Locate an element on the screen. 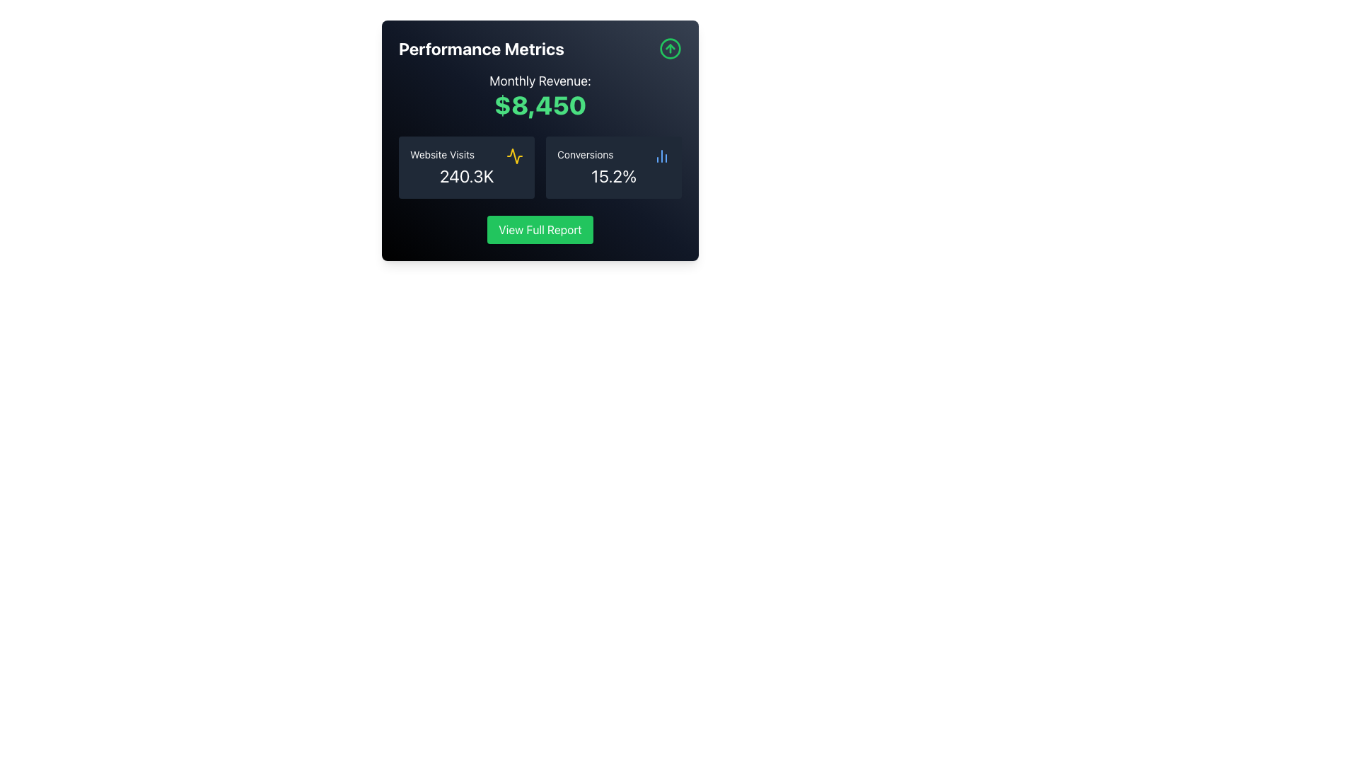  the text display element that shows the financial metric of monthly revenue, located centrally within the 'Performance Metrics' card, directly below the card title is located at coordinates (539, 95).